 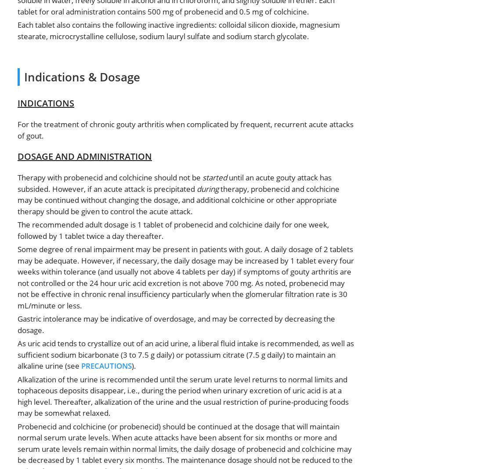 I want to click on 'until an 
  acute gouty attack has subsided. However, if an acute attack is precipitated', so click(x=174, y=183).